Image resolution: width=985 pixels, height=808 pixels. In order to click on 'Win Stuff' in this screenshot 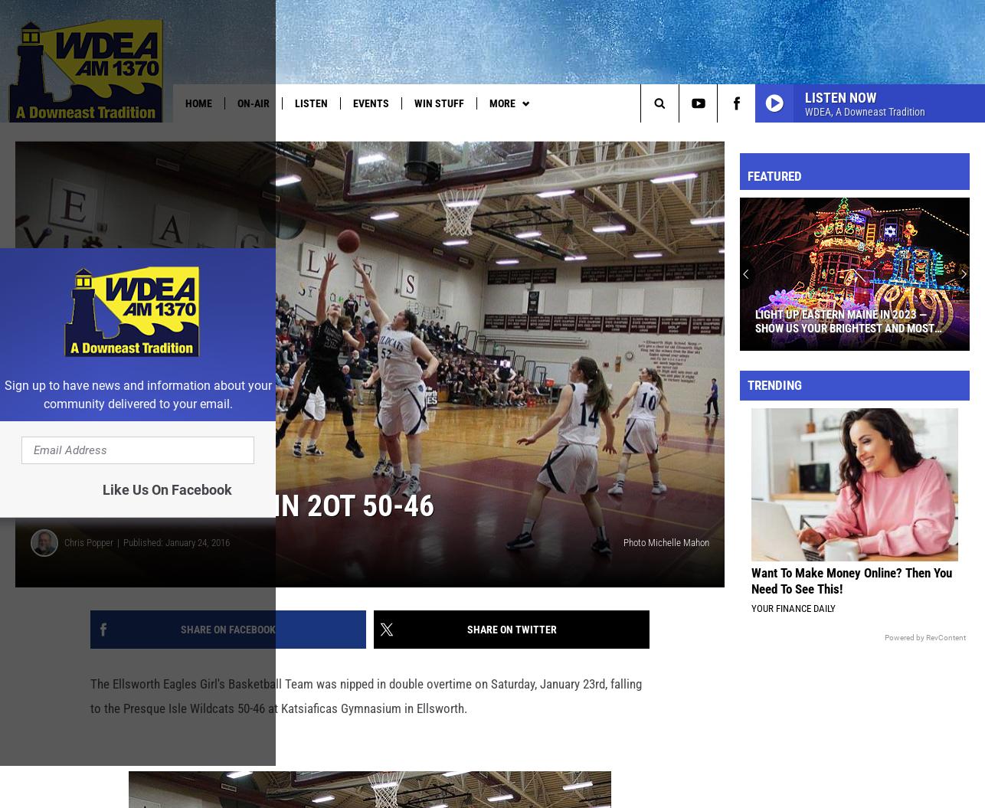, I will do `click(438, 103)`.